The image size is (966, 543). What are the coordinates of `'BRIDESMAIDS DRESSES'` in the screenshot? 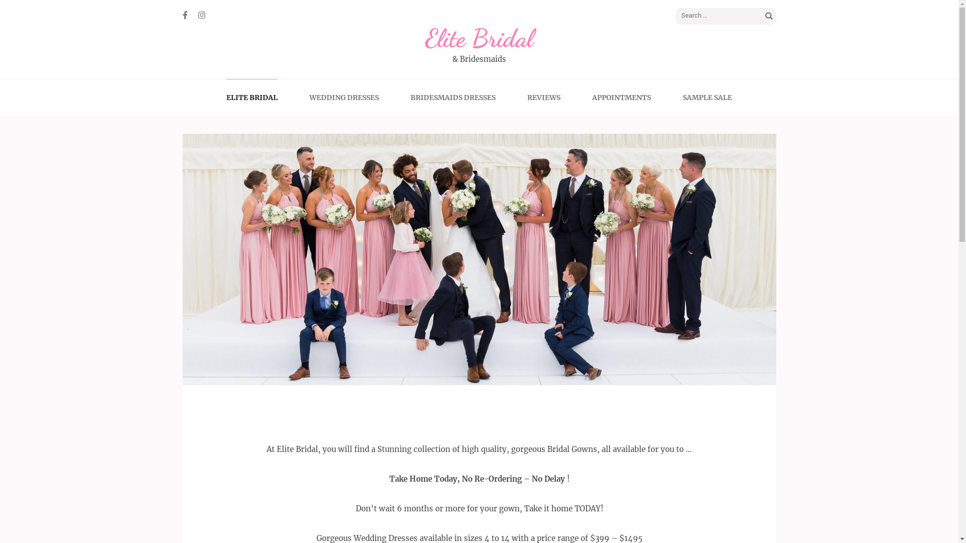 It's located at (452, 97).